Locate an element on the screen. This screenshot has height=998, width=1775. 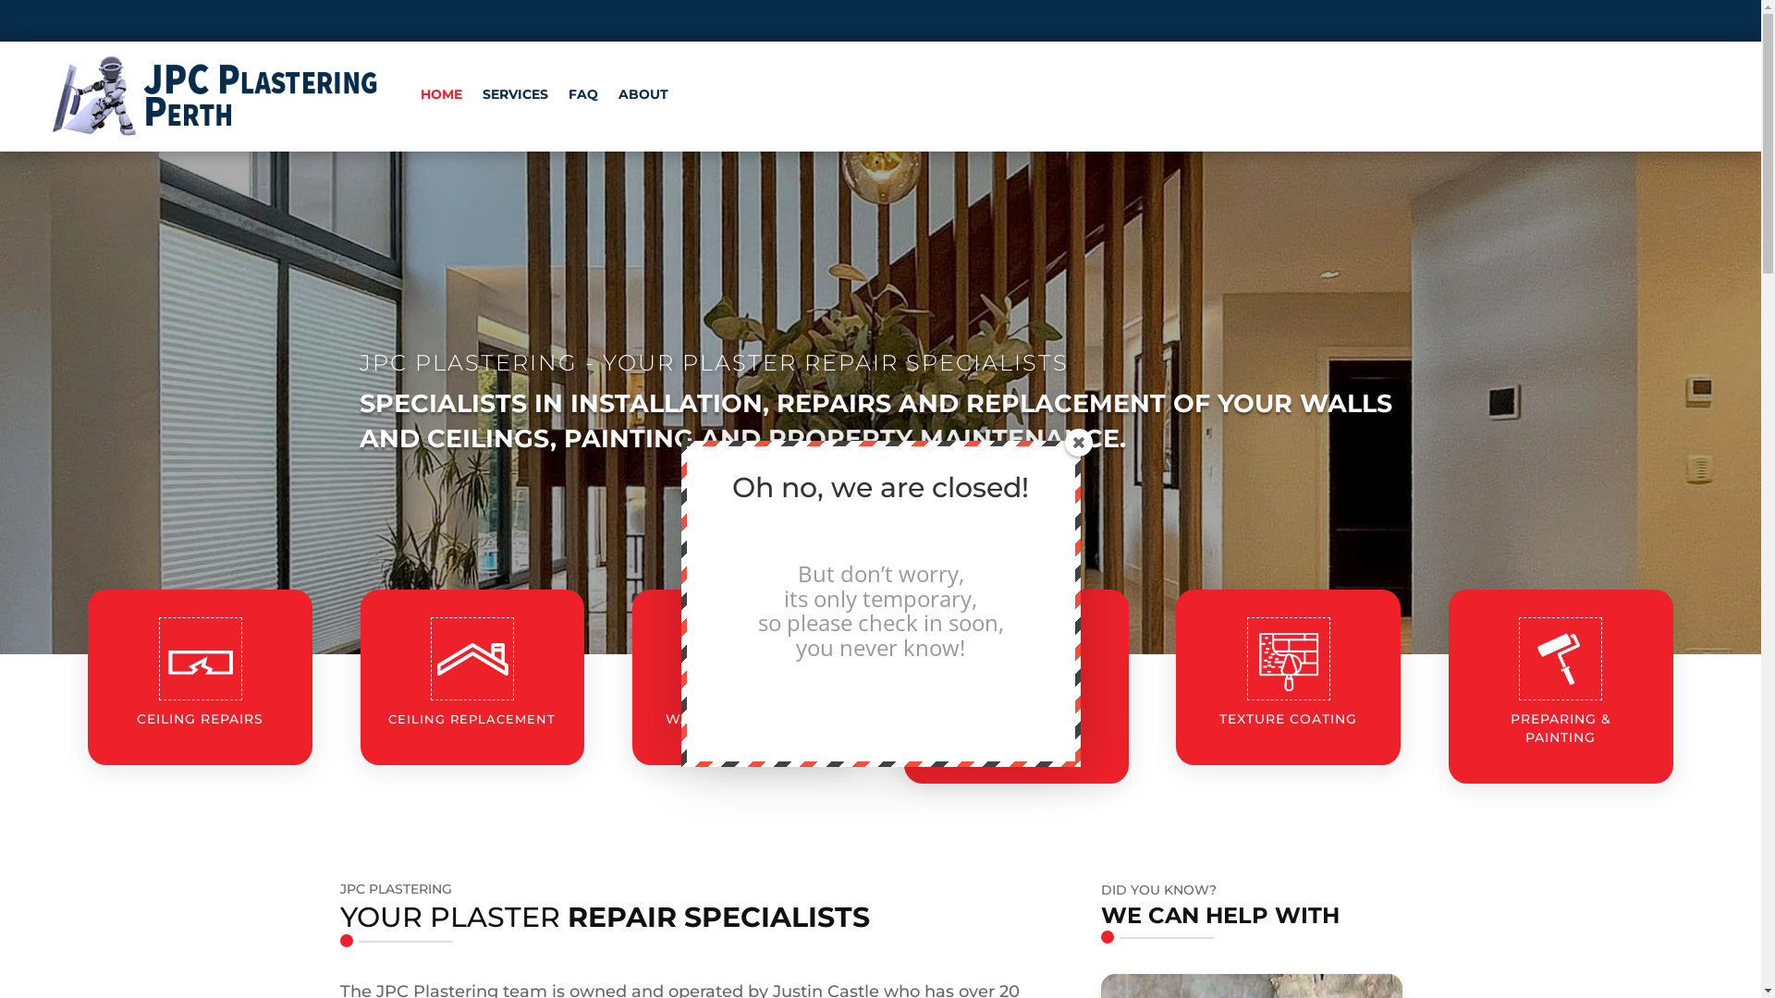
'FAQ' is located at coordinates (581, 93).